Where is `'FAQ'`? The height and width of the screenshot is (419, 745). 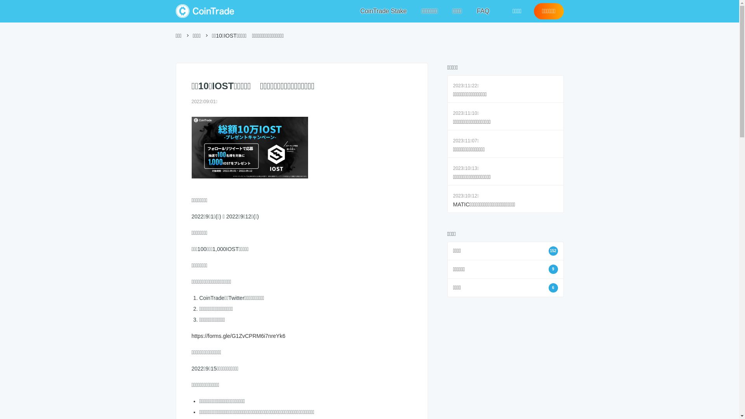
'FAQ' is located at coordinates (482, 11).